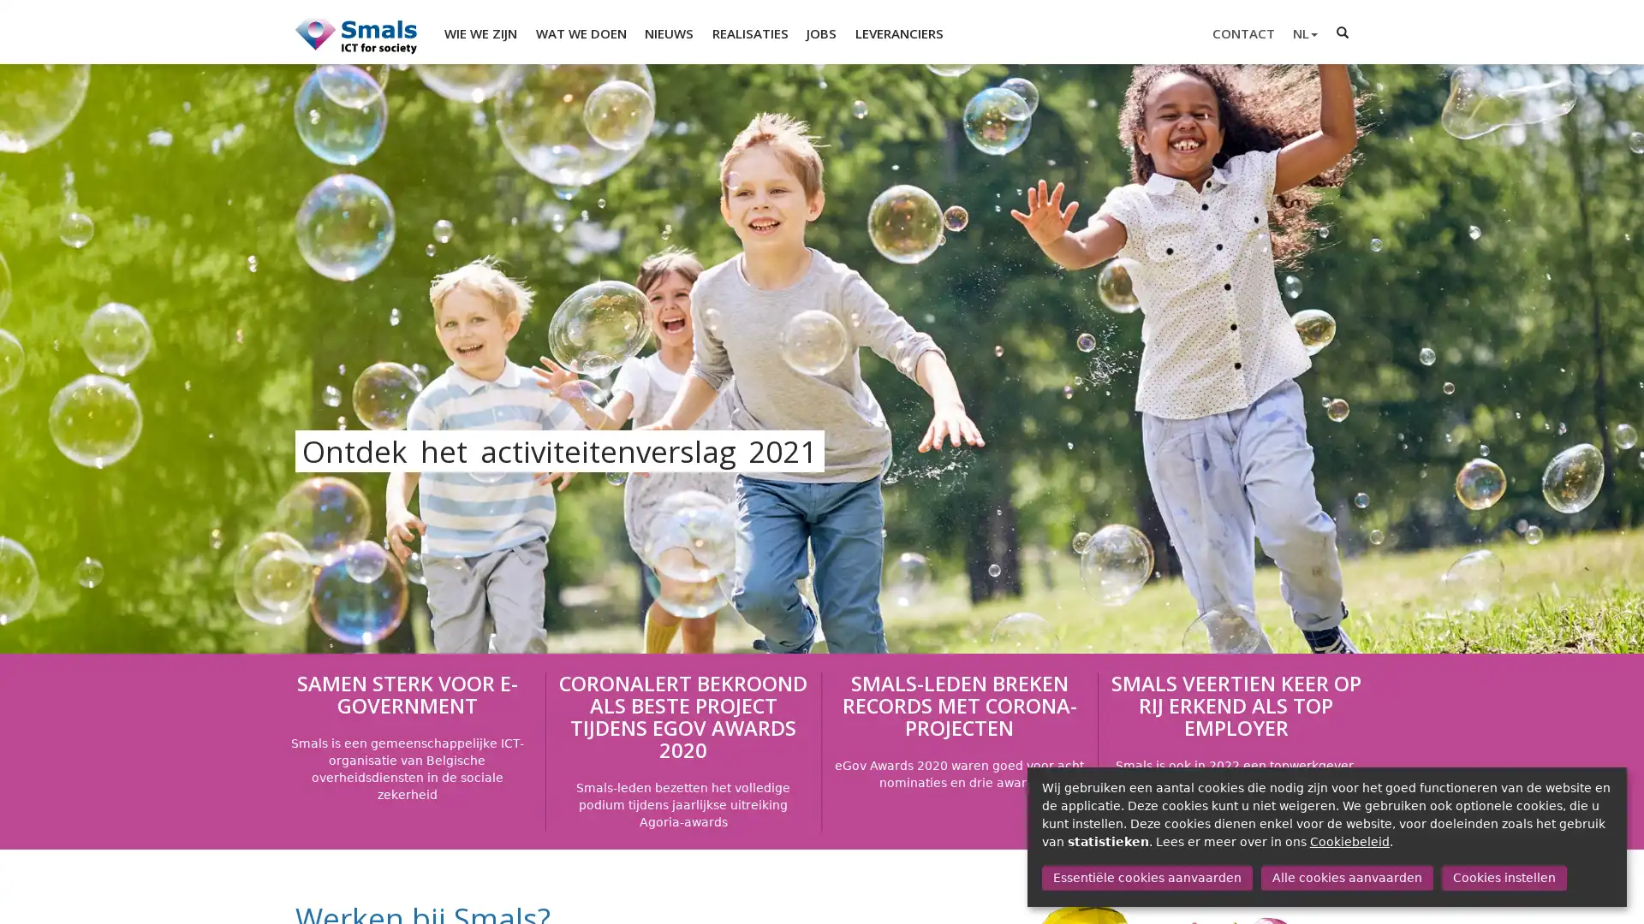 This screenshot has width=1644, height=924. What do you see at coordinates (1147, 878) in the screenshot?
I see `Essentiele cookies aanvaarden` at bounding box center [1147, 878].